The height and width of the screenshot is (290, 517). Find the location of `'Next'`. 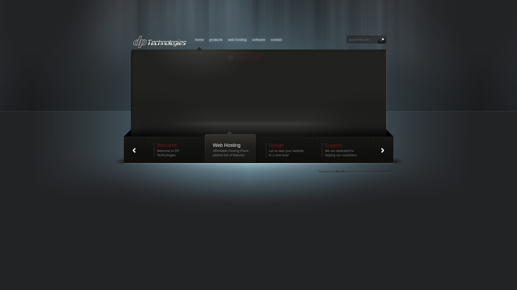

'Next' is located at coordinates (382, 150).